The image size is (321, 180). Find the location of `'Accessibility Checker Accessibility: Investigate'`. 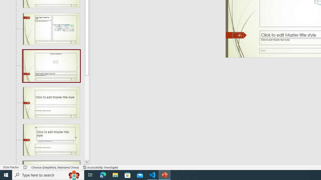

'Accessibility Checker Accessibility: Investigate' is located at coordinates (100, 167).